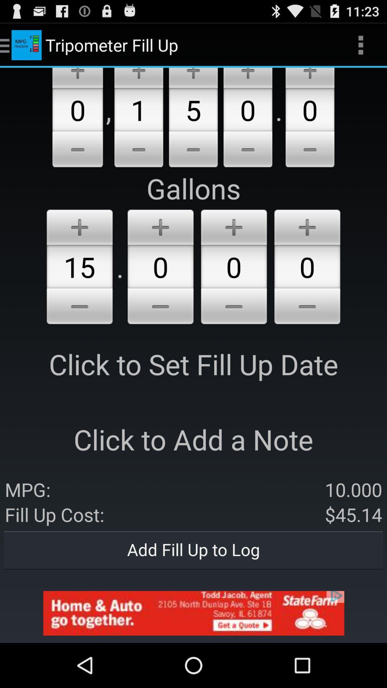 Image resolution: width=387 pixels, height=688 pixels. I want to click on number button, so click(160, 225).